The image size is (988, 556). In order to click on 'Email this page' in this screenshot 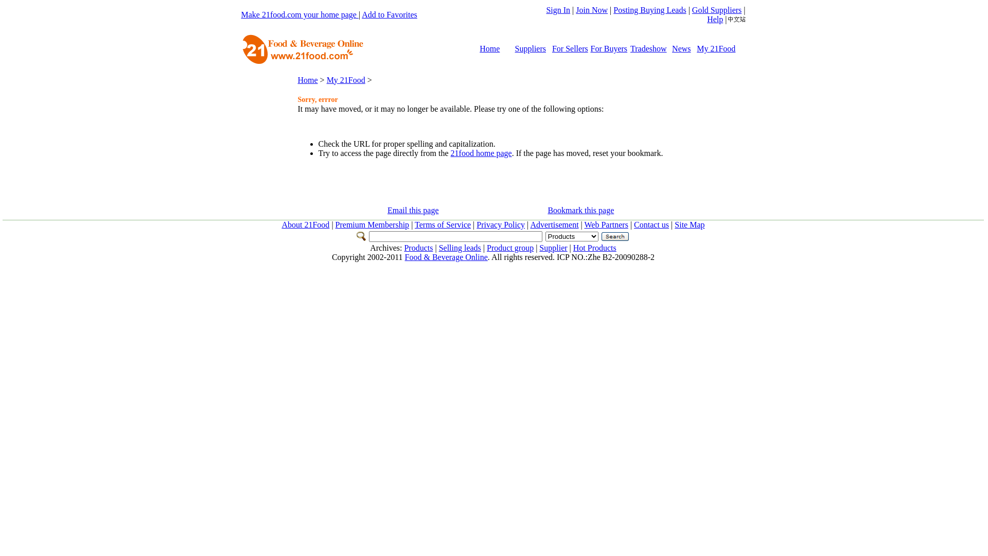, I will do `click(413, 210)`.